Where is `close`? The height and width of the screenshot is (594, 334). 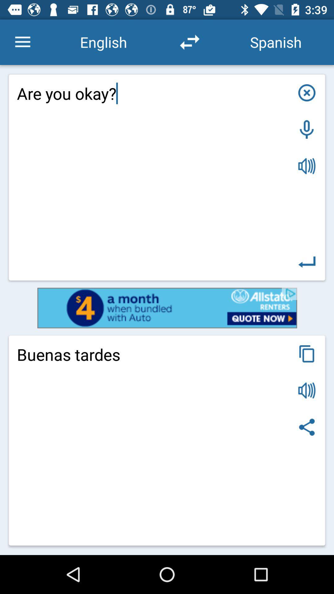 close is located at coordinates (307, 92).